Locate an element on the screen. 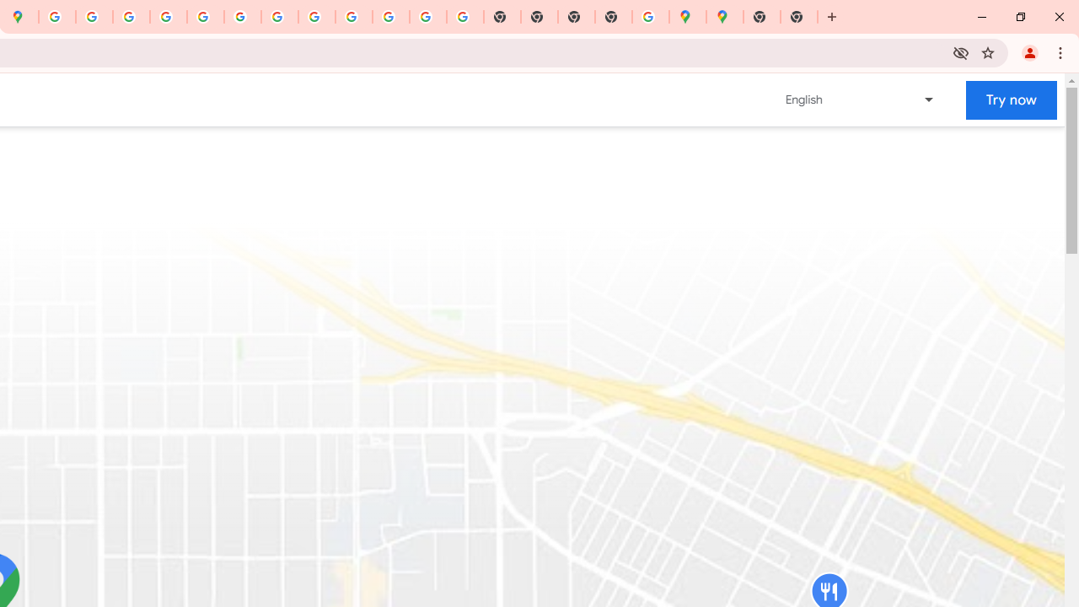  'New Tab' is located at coordinates (797, 17).